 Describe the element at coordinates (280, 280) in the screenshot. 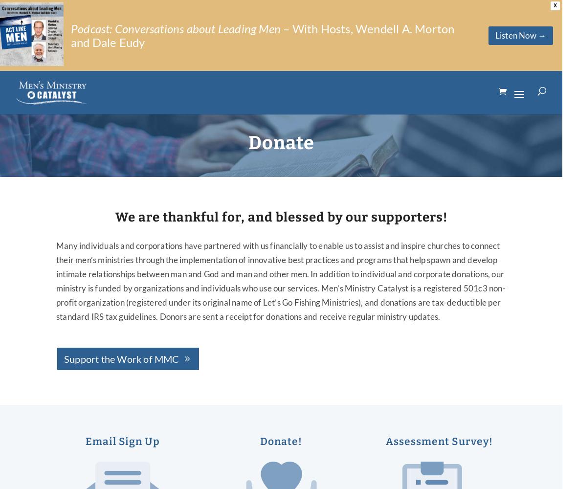

I see `'Many individuals and corporations have partnered with us financially to enable us to assist and inspire churches to connect their men’s ministries through the implementation of innovative best practices and programs that help spawn and develop intimate relationships between man and God and man and other men. In addition to individual and corporate donations, our ministry is funded by organizations and individuals who use our services. Men’s Ministry Catalyst is a registered 501c3 non-profit organization (registered under its original name of Let’s Go Fishing Ministries), and donations are tax-deductible per standard IRS tax guidelines. Donors are sent a receipt for donations and receive regular ministry updates.'` at that location.